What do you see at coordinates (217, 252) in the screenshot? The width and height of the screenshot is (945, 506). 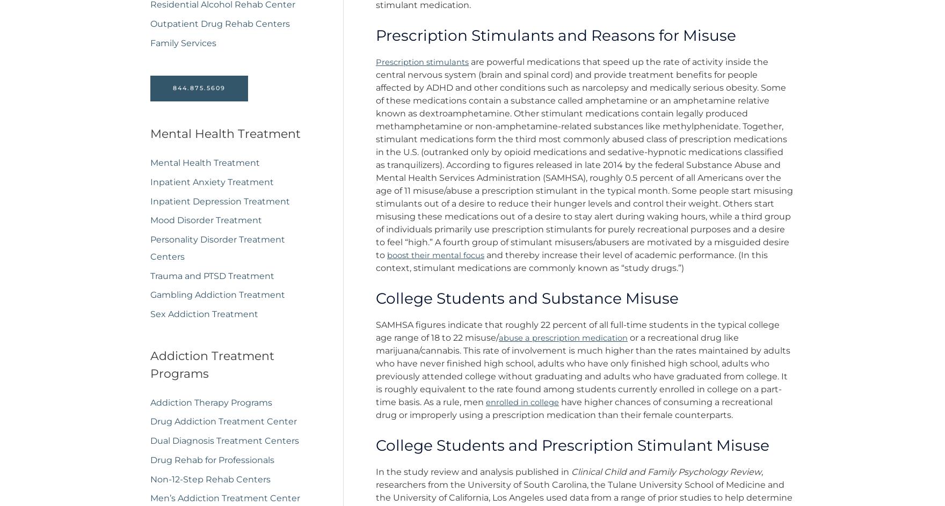 I see `'Personality Disorder Treatment Centers'` at bounding box center [217, 252].